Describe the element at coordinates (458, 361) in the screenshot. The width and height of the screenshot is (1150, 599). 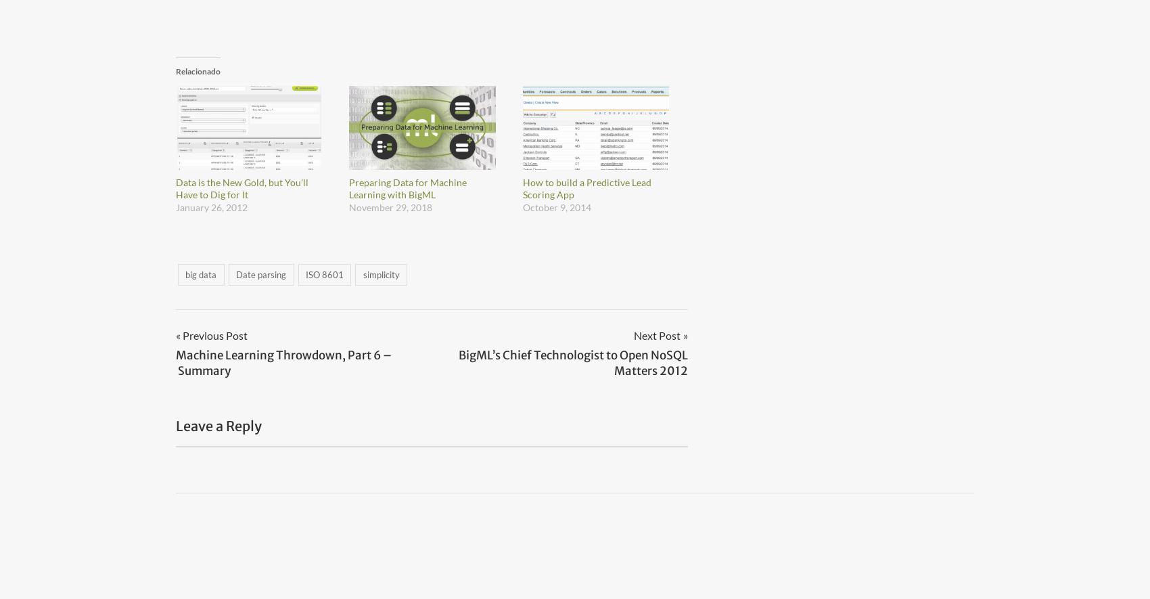
I see `'BigML’s Chief Technologist to Open NoSQL Matters 2012'` at that location.